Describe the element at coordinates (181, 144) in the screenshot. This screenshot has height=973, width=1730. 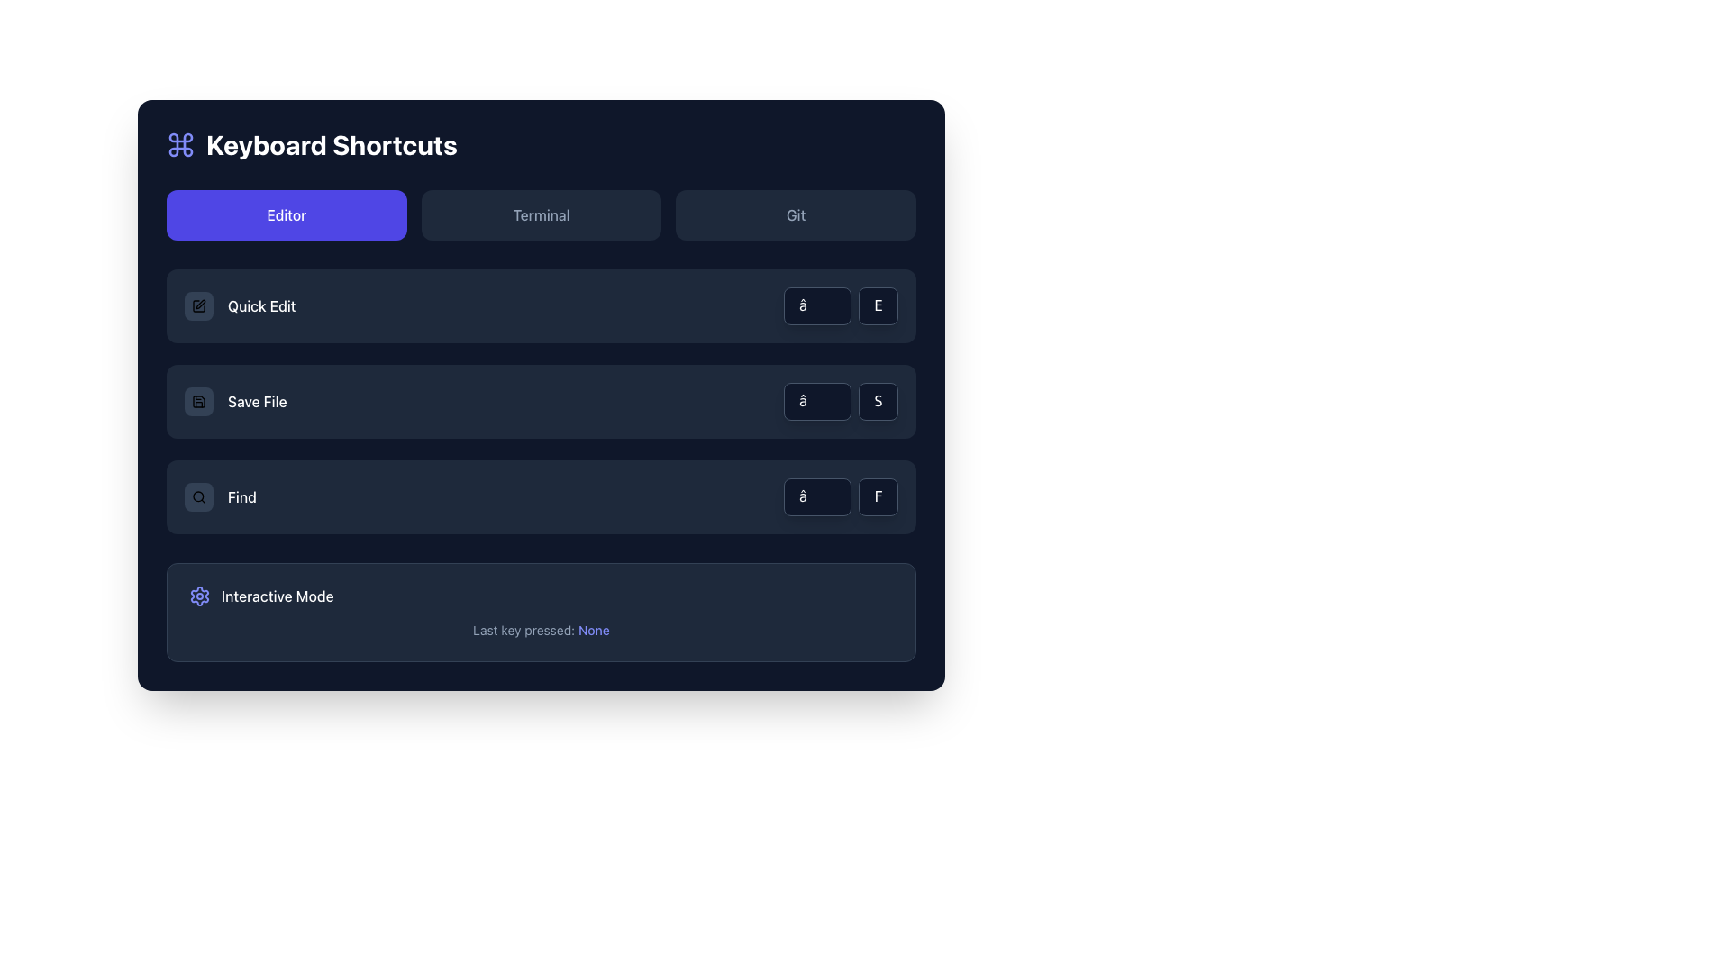
I see `the purple command symbol icon located to the left of the 'Keyboard Shortcuts' header text` at that location.